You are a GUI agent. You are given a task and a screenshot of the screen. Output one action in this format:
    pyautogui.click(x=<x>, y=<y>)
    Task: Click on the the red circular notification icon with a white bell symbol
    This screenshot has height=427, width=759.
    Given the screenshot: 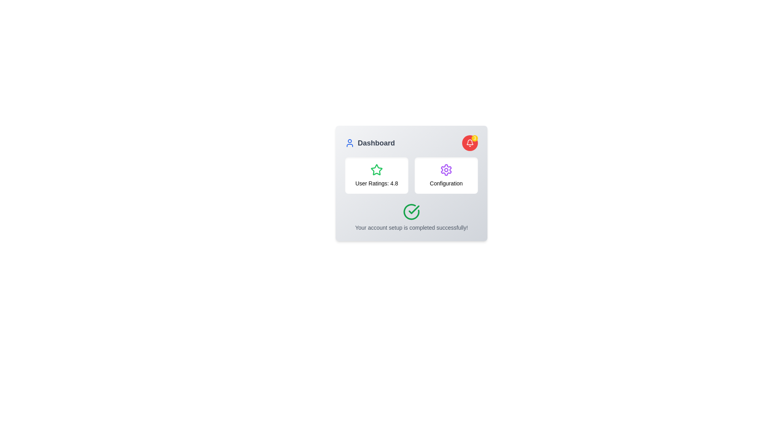 What is the action you would take?
    pyautogui.click(x=470, y=143)
    